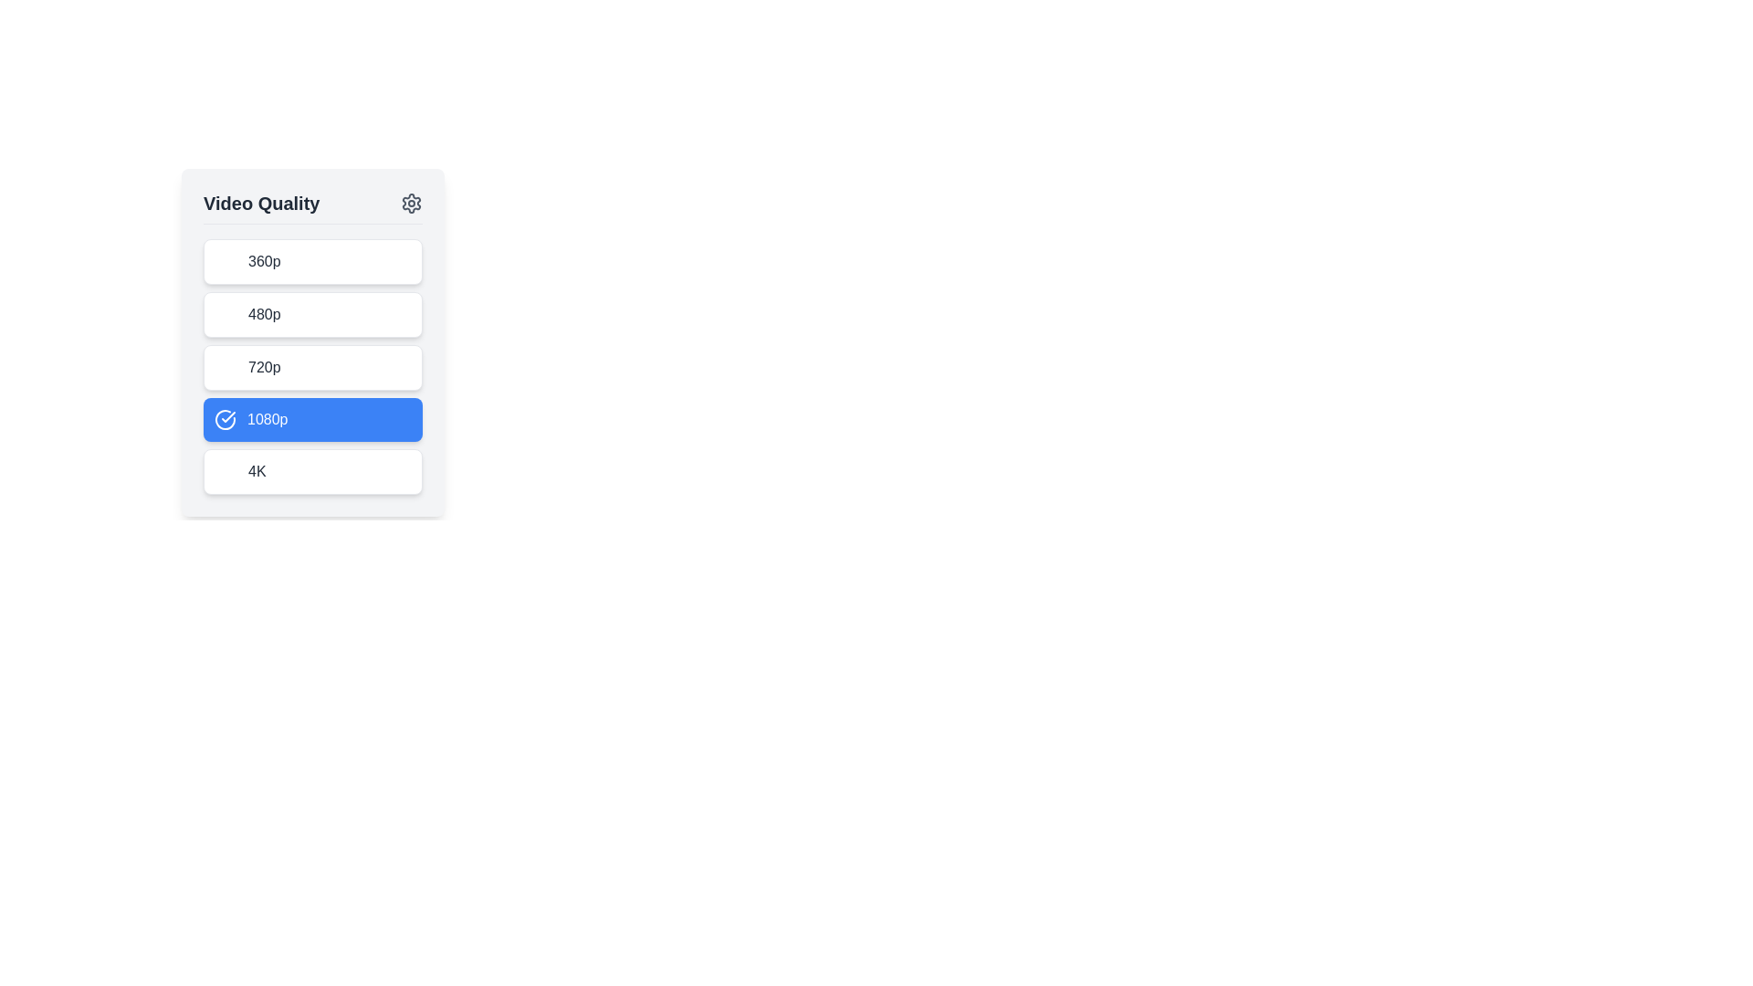  I want to click on the cogwheel-shaped settings icon located in the top-right corner of the 'Video Quality' selection dialog, so click(411, 204).